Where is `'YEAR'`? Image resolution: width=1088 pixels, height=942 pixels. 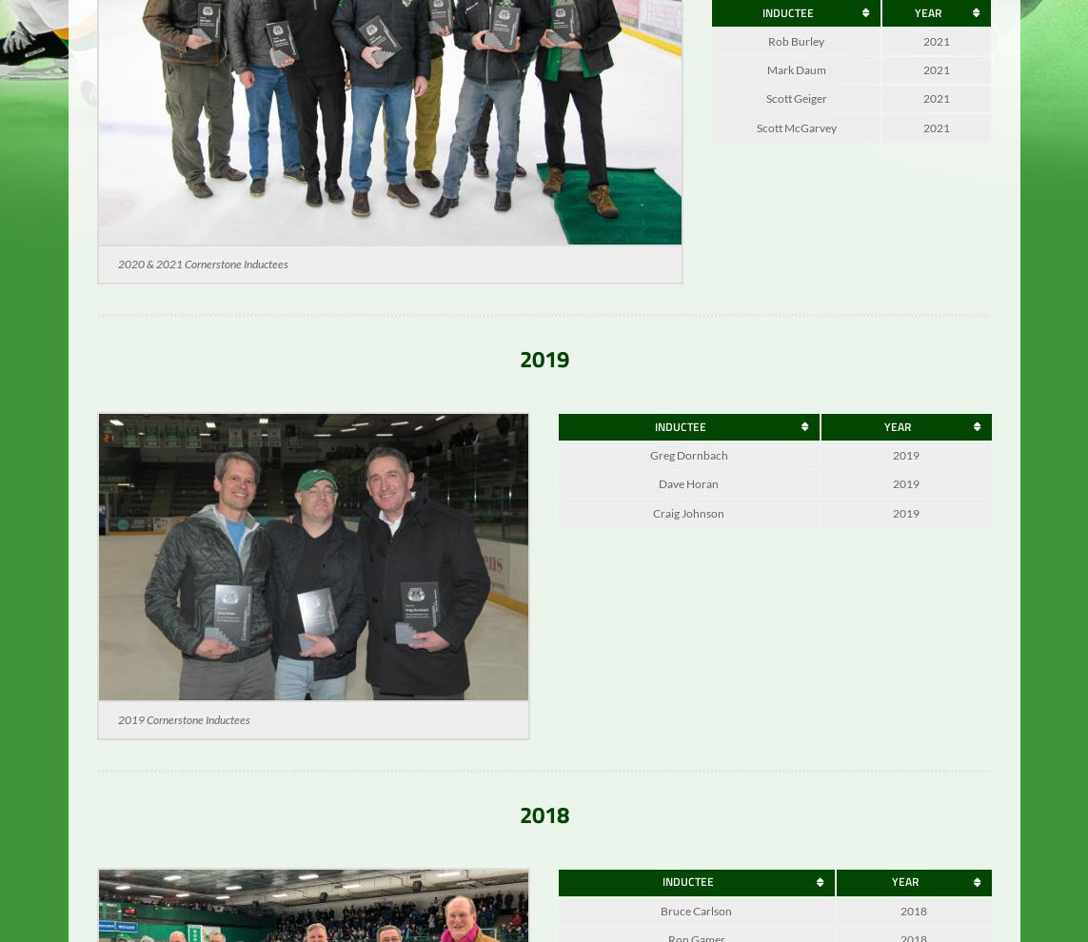 'YEAR' is located at coordinates (927, 24).